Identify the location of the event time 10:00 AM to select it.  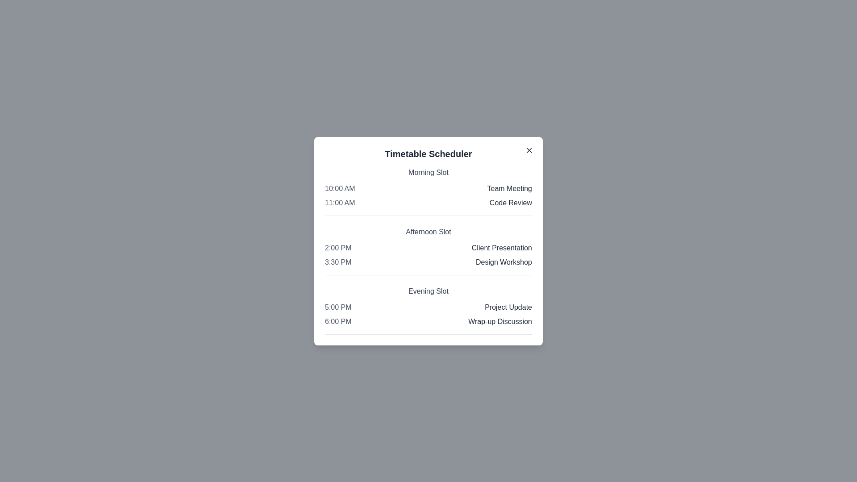
(339, 188).